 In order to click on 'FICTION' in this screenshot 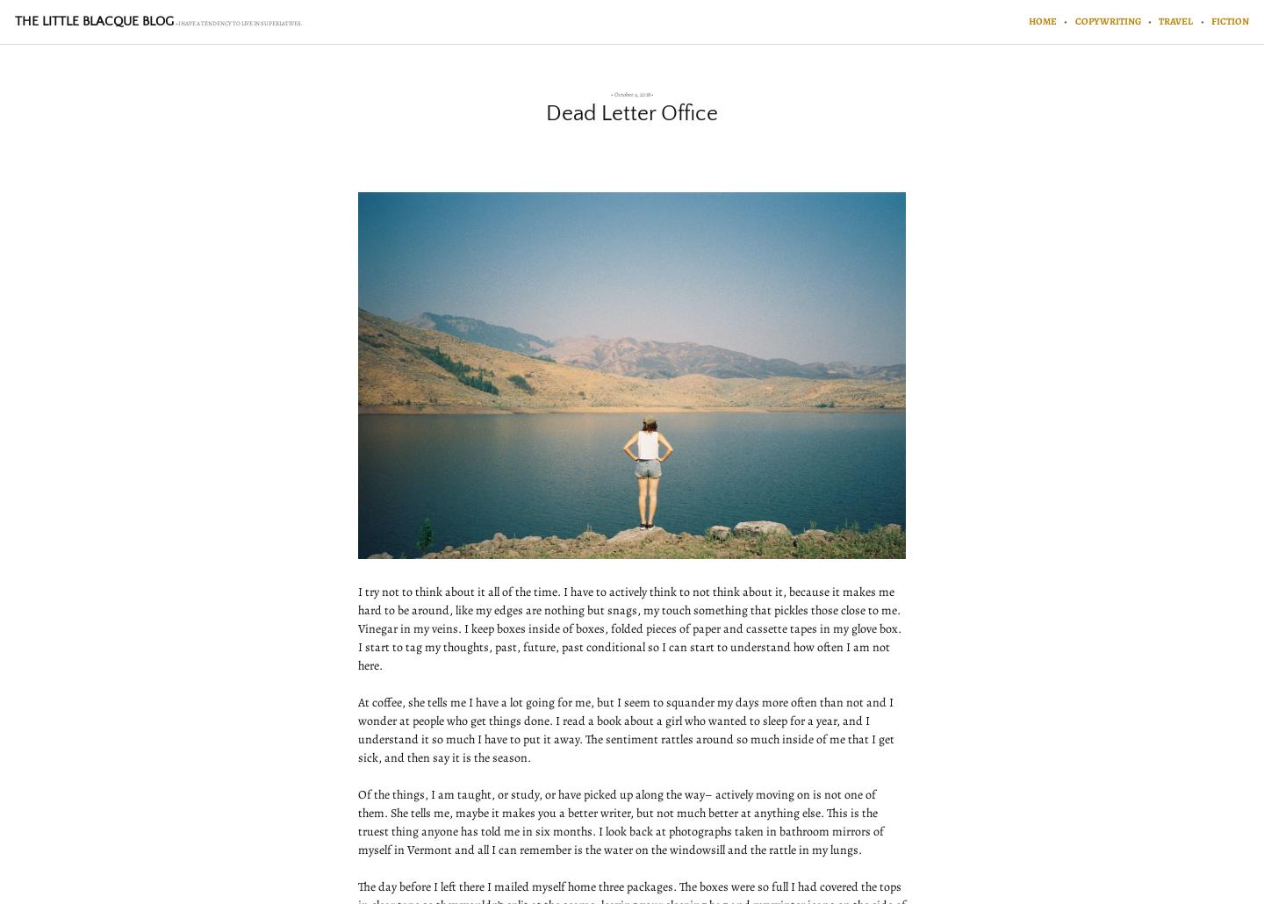, I will do `click(1210, 20)`.